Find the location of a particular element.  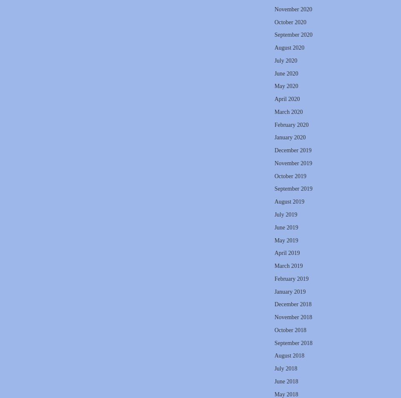

'August 2019' is located at coordinates (288, 201).